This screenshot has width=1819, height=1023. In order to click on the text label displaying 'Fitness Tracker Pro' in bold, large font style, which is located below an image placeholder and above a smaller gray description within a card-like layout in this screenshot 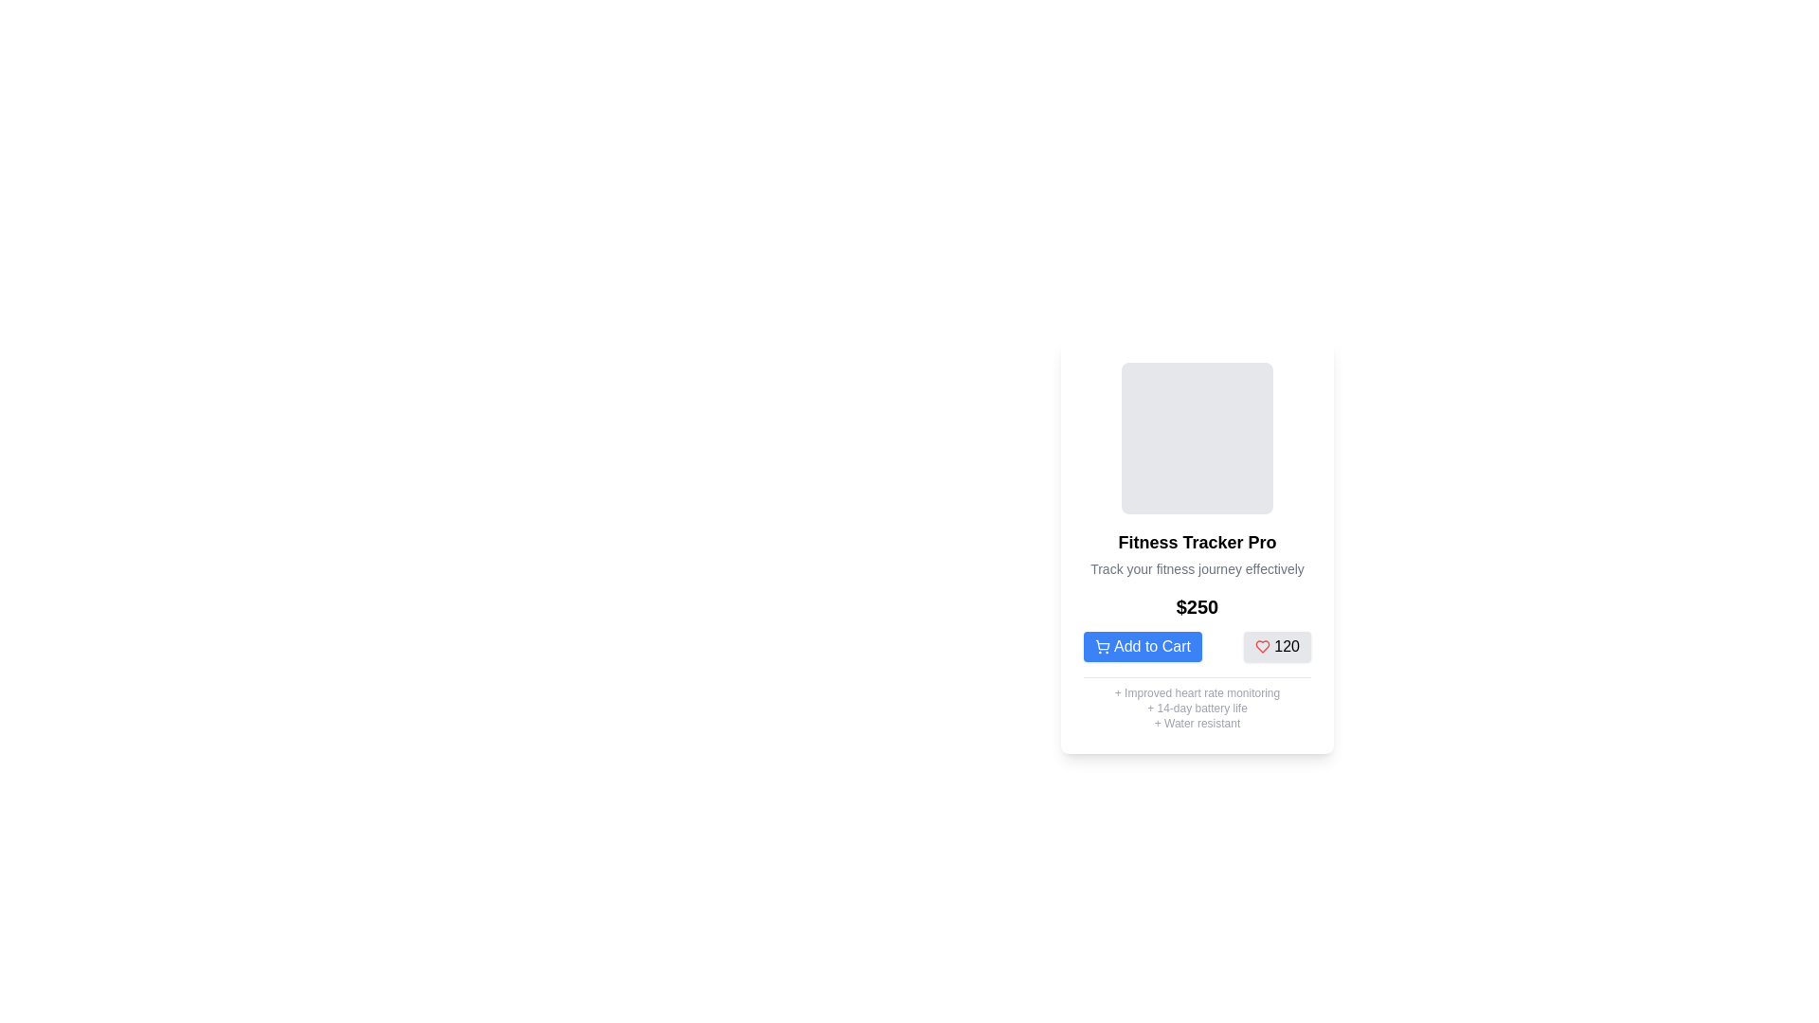, I will do `click(1196, 543)`.